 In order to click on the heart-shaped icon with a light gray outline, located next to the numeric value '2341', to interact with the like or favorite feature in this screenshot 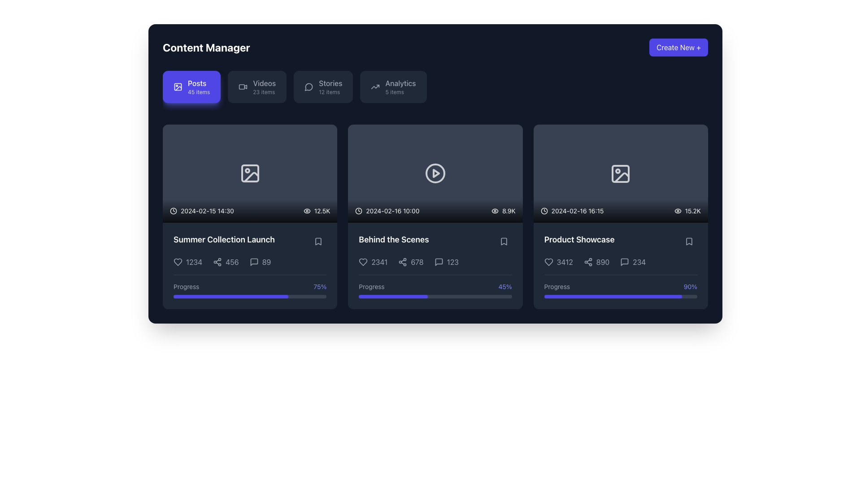, I will do `click(363, 262)`.